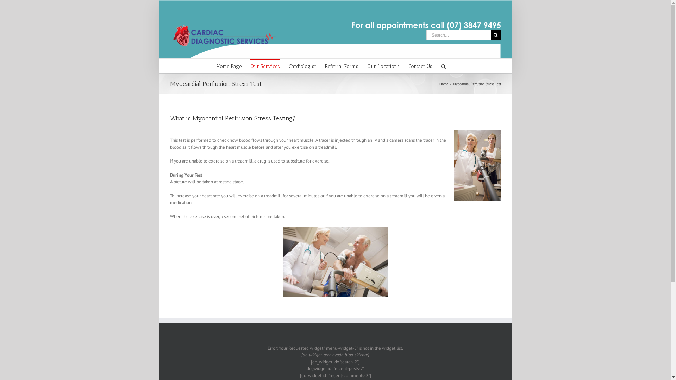  I want to click on 'Contact Us', so click(408, 65).